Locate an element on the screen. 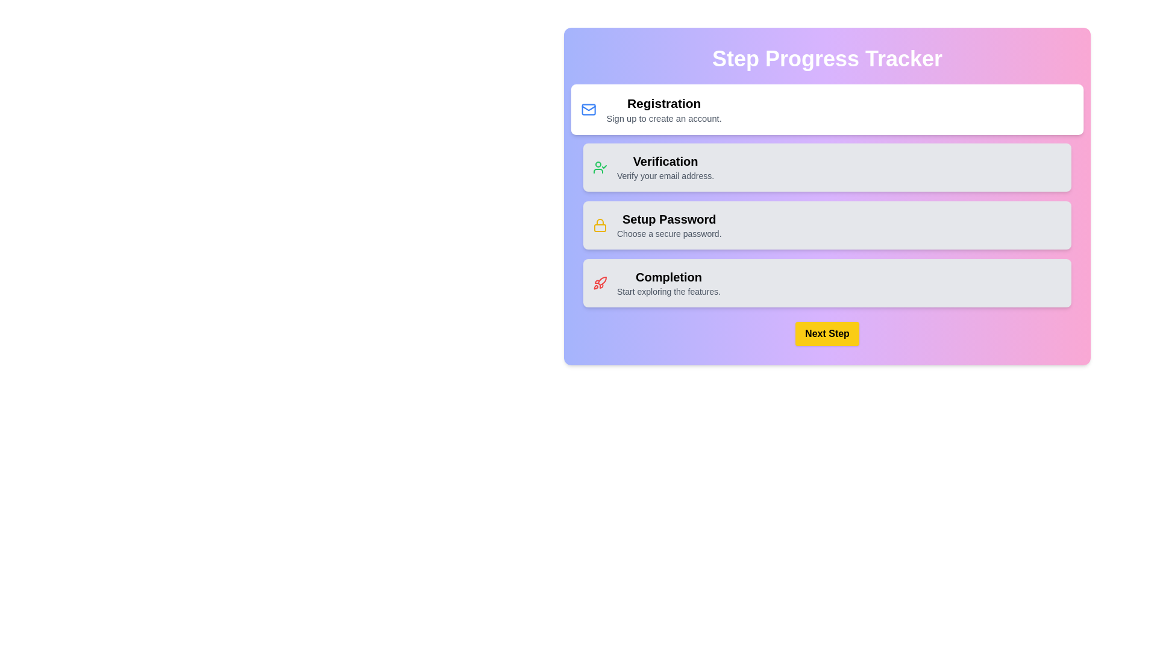 The image size is (1157, 651). informational text element displaying 'Registration' and 'Sign up to create an account', which is located in the top left of the Step Progress Tracker is located at coordinates (663, 109).